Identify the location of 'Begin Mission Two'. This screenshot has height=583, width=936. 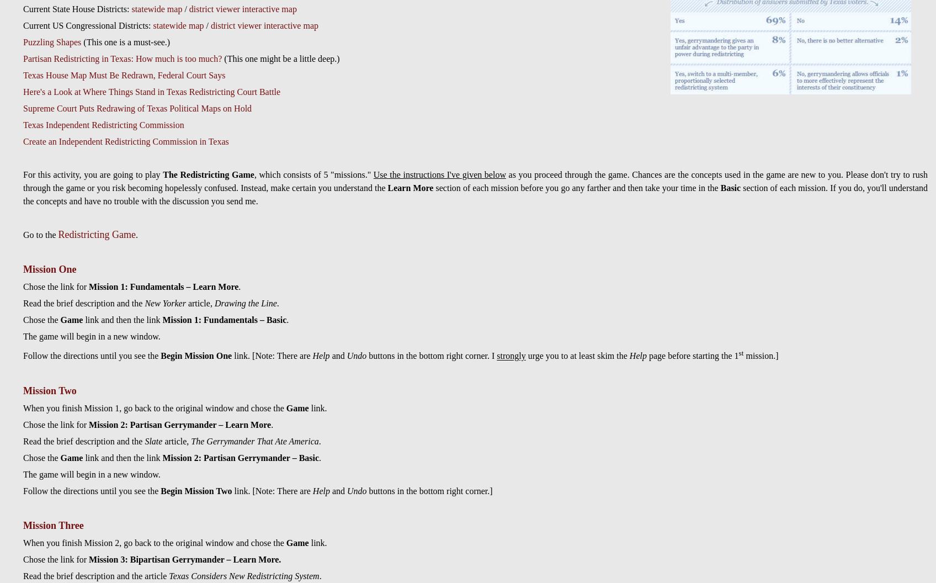
(195, 490).